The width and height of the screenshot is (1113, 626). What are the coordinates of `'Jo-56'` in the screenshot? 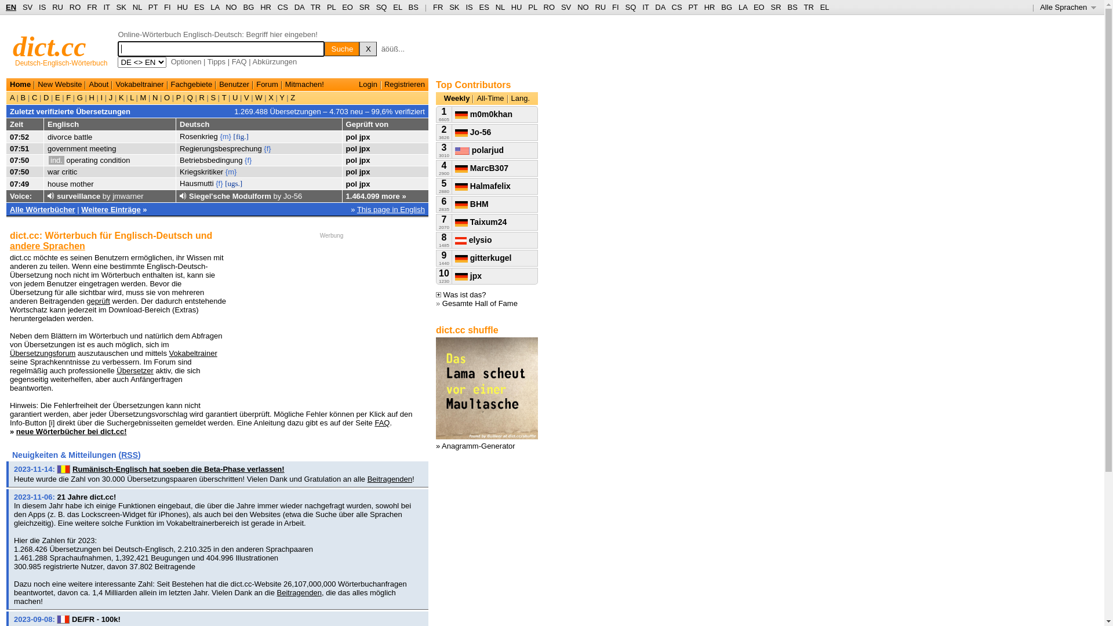 It's located at (293, 195).